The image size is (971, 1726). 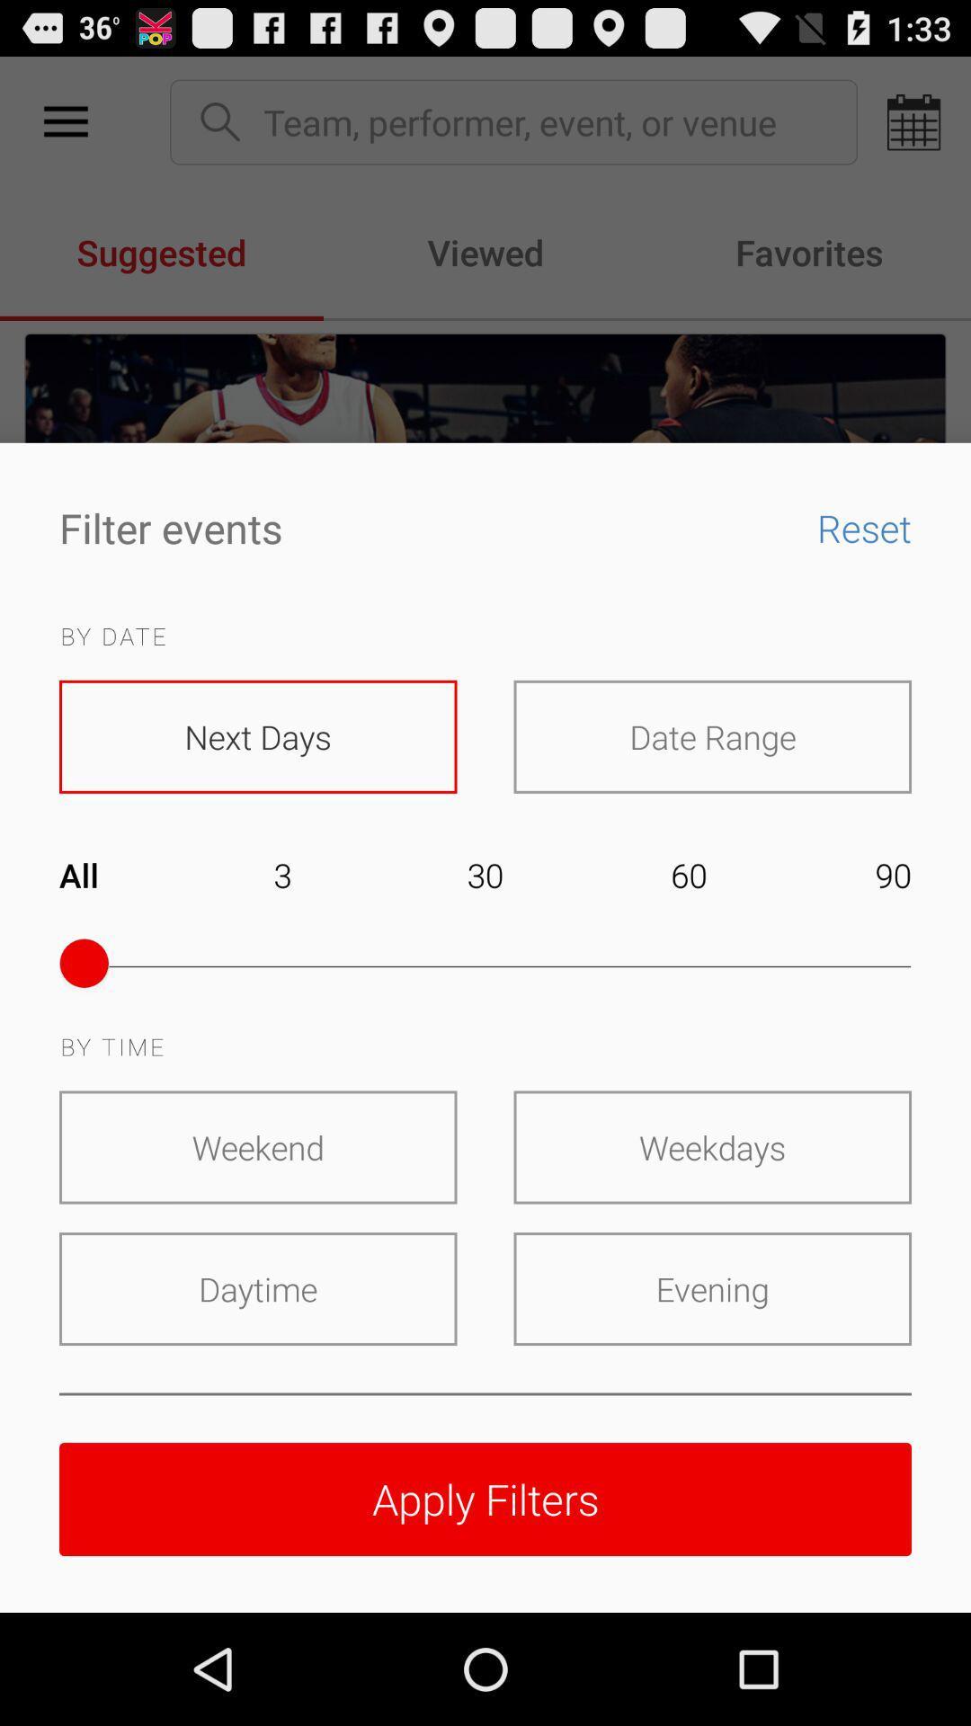 I want to click on daytime at the bottom left corner, so click(x=258, y=1288).